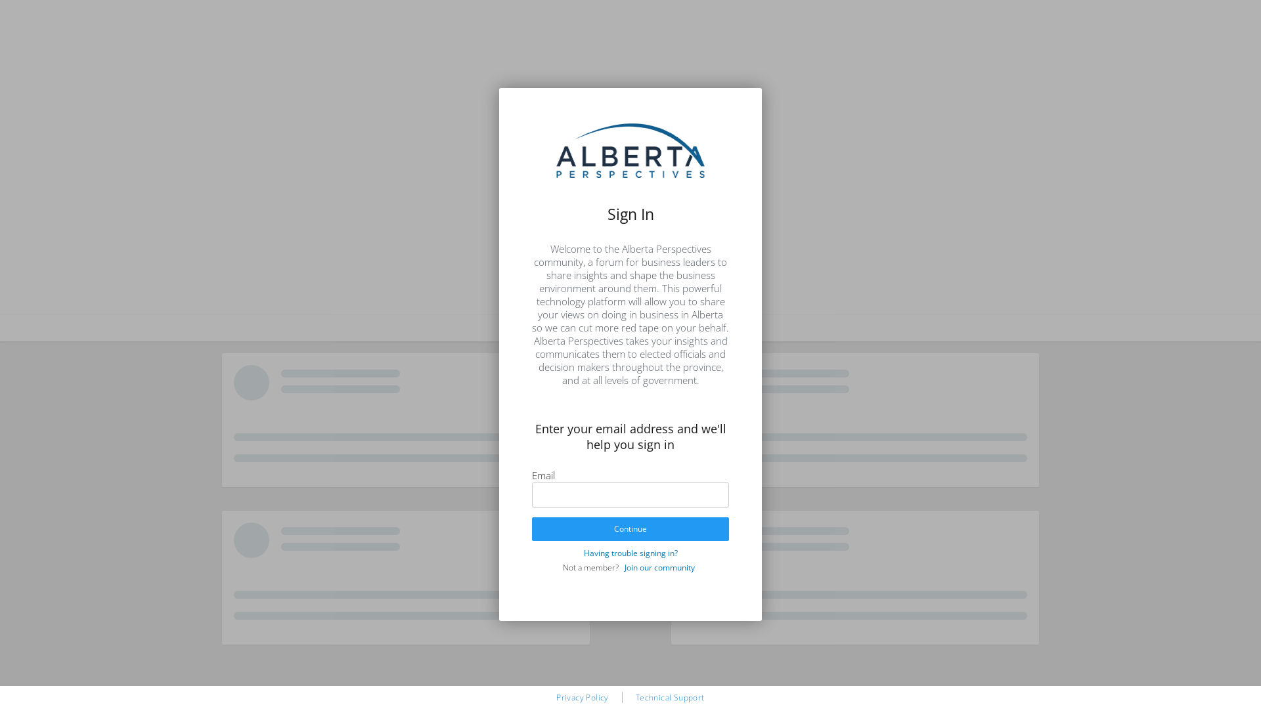 The width and height of the screenshot is (1261, 709). I want to click on 'Having trouble signing in?', so click(629, 552).